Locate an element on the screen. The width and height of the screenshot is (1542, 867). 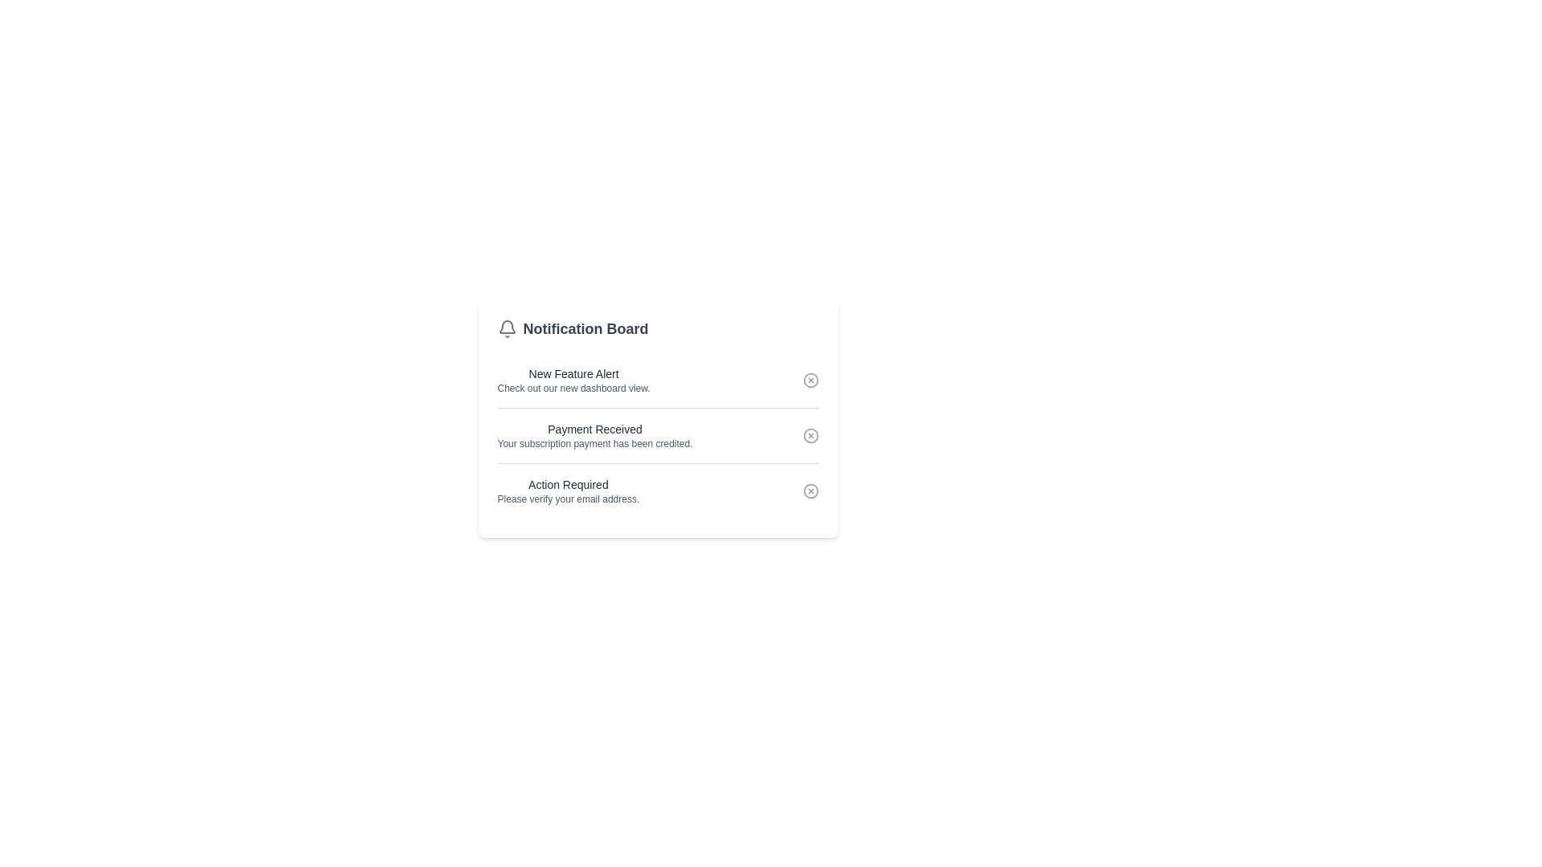
the static text label that prompts user attention related to email verification, located in the third notification group above the 'Please verify your email address' text is located at coordinates (568, 484).